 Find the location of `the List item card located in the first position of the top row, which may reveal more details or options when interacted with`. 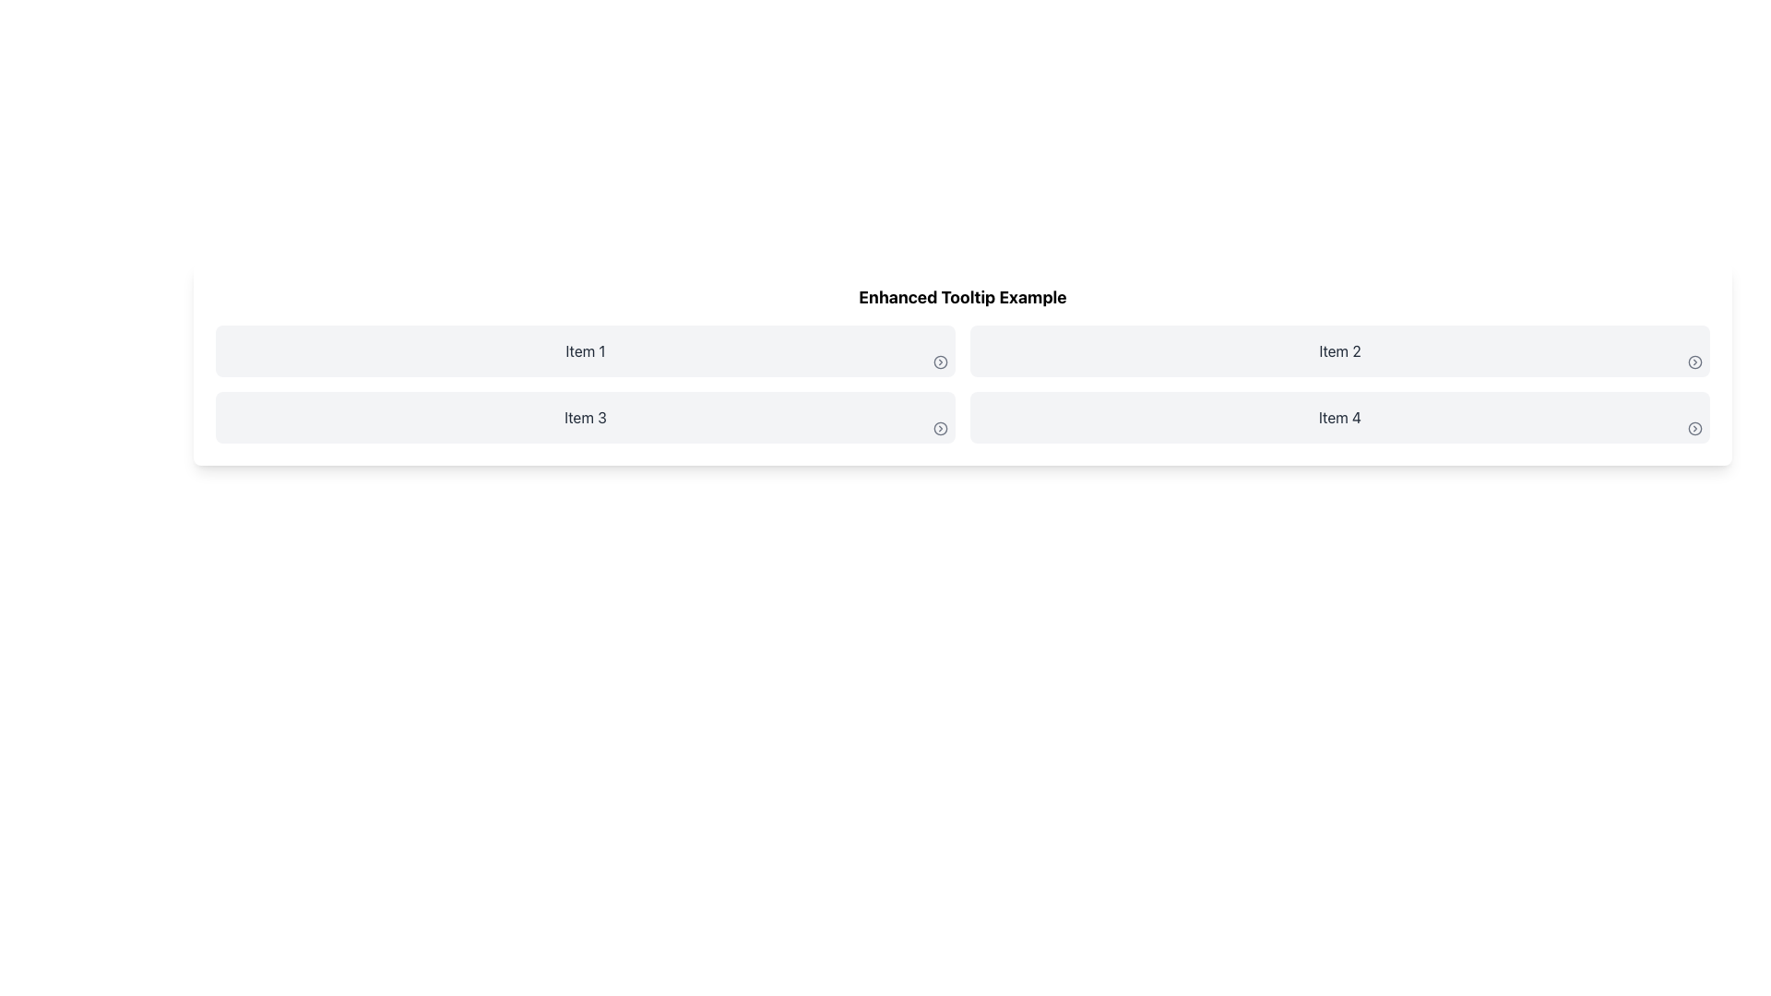

the List item card located in the first position of the top row, which may reveal more details or options when interacted with is located at coordinates (584, 351).